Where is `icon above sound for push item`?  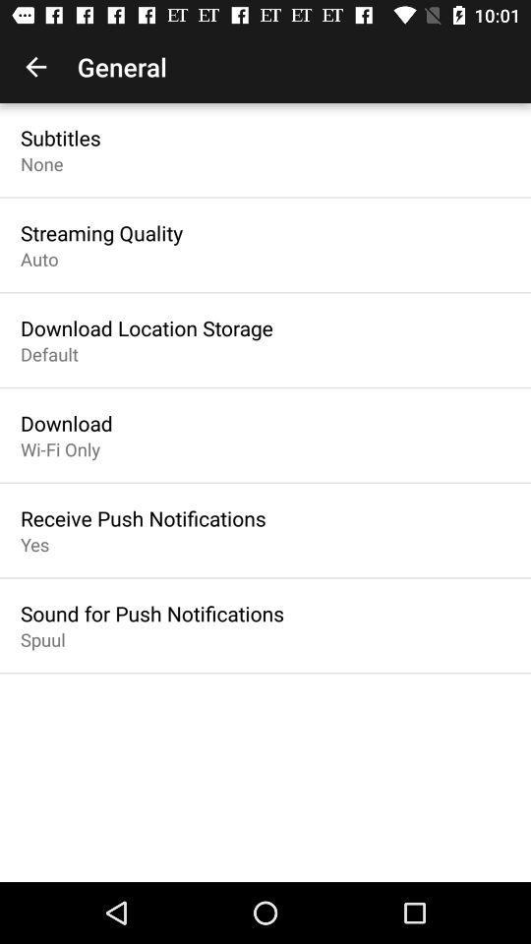
icon above sound for push item is located at coordinates (34, 544).